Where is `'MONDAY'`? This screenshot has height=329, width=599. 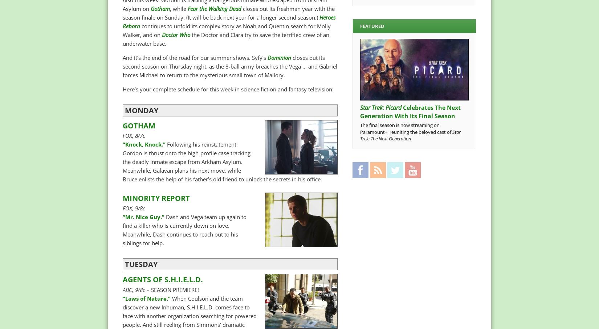
'MONDAY' is located at coordinates (142, 110).